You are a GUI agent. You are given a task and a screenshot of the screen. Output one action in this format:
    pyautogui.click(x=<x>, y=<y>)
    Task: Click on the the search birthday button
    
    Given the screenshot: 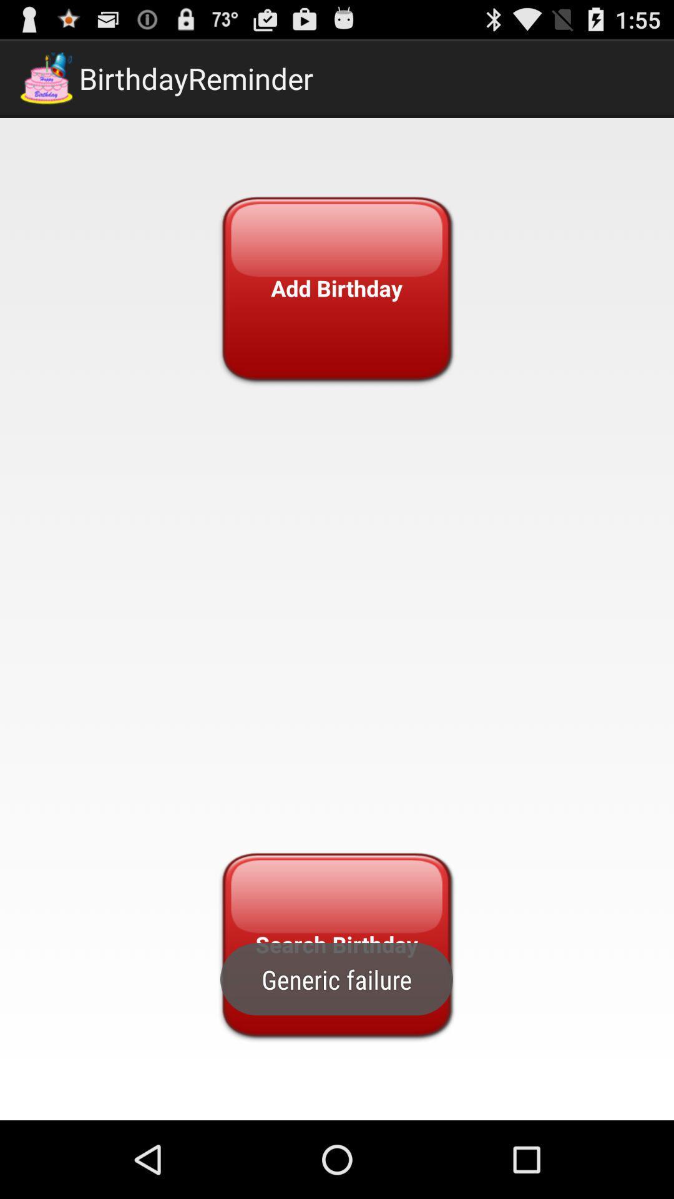 What is the action you would take?
    pyautogui.click(x=336, y=944)
    